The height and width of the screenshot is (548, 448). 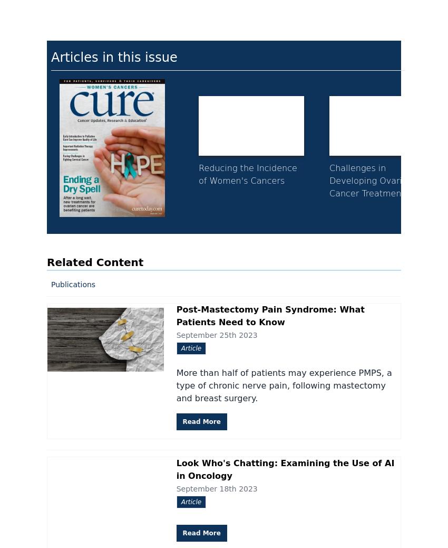 I want to click on 'Challenges in Developing Ovarian Cancer Treatments', so click(x=370, y=180).